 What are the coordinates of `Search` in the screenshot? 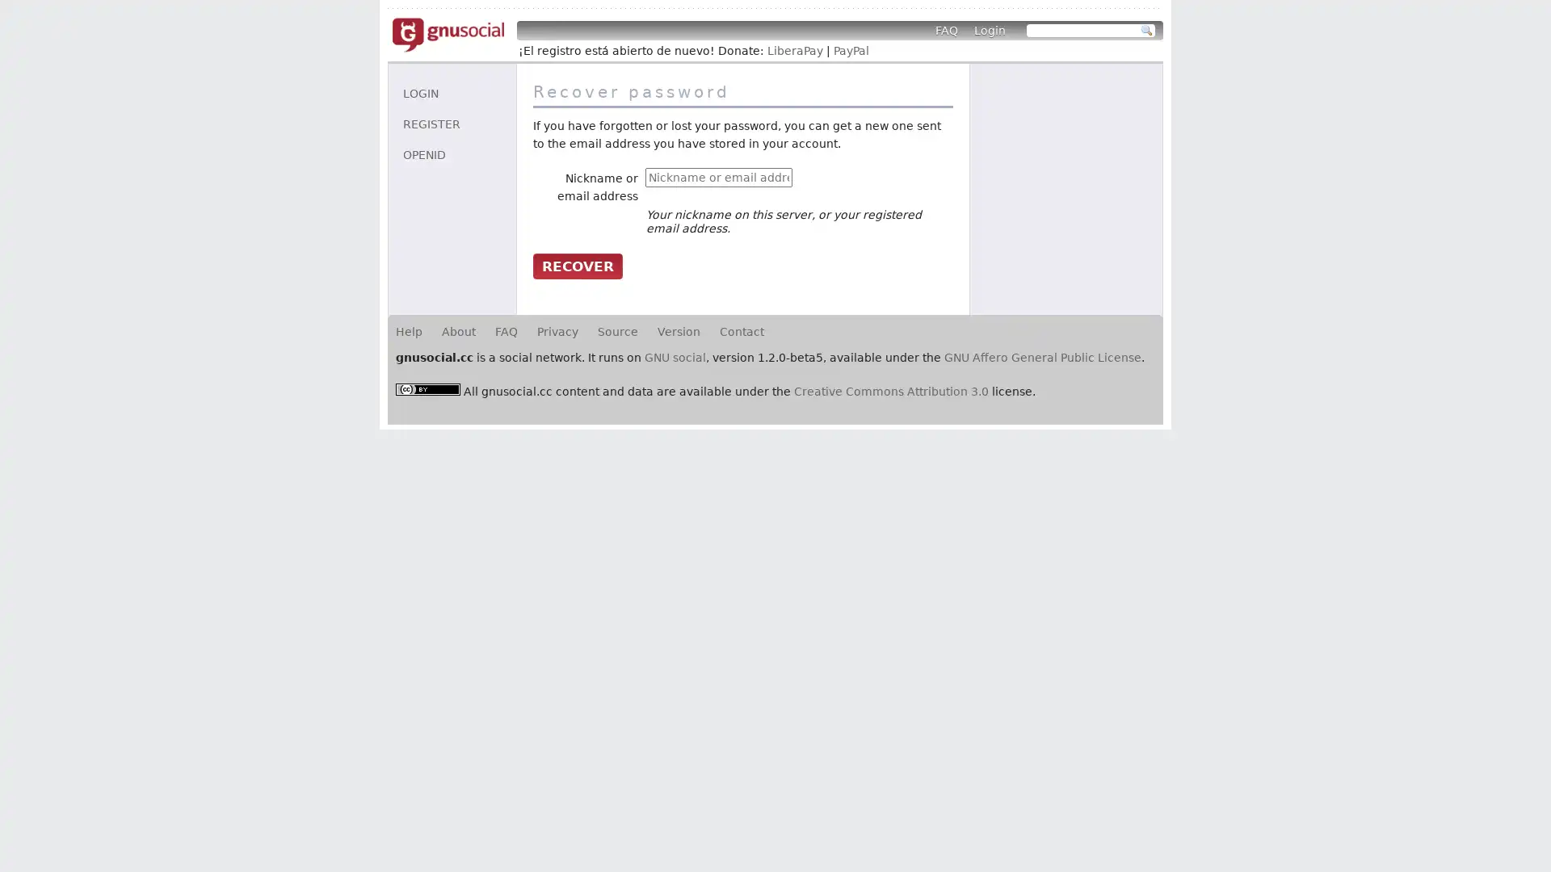 It's located at (1146, 31).